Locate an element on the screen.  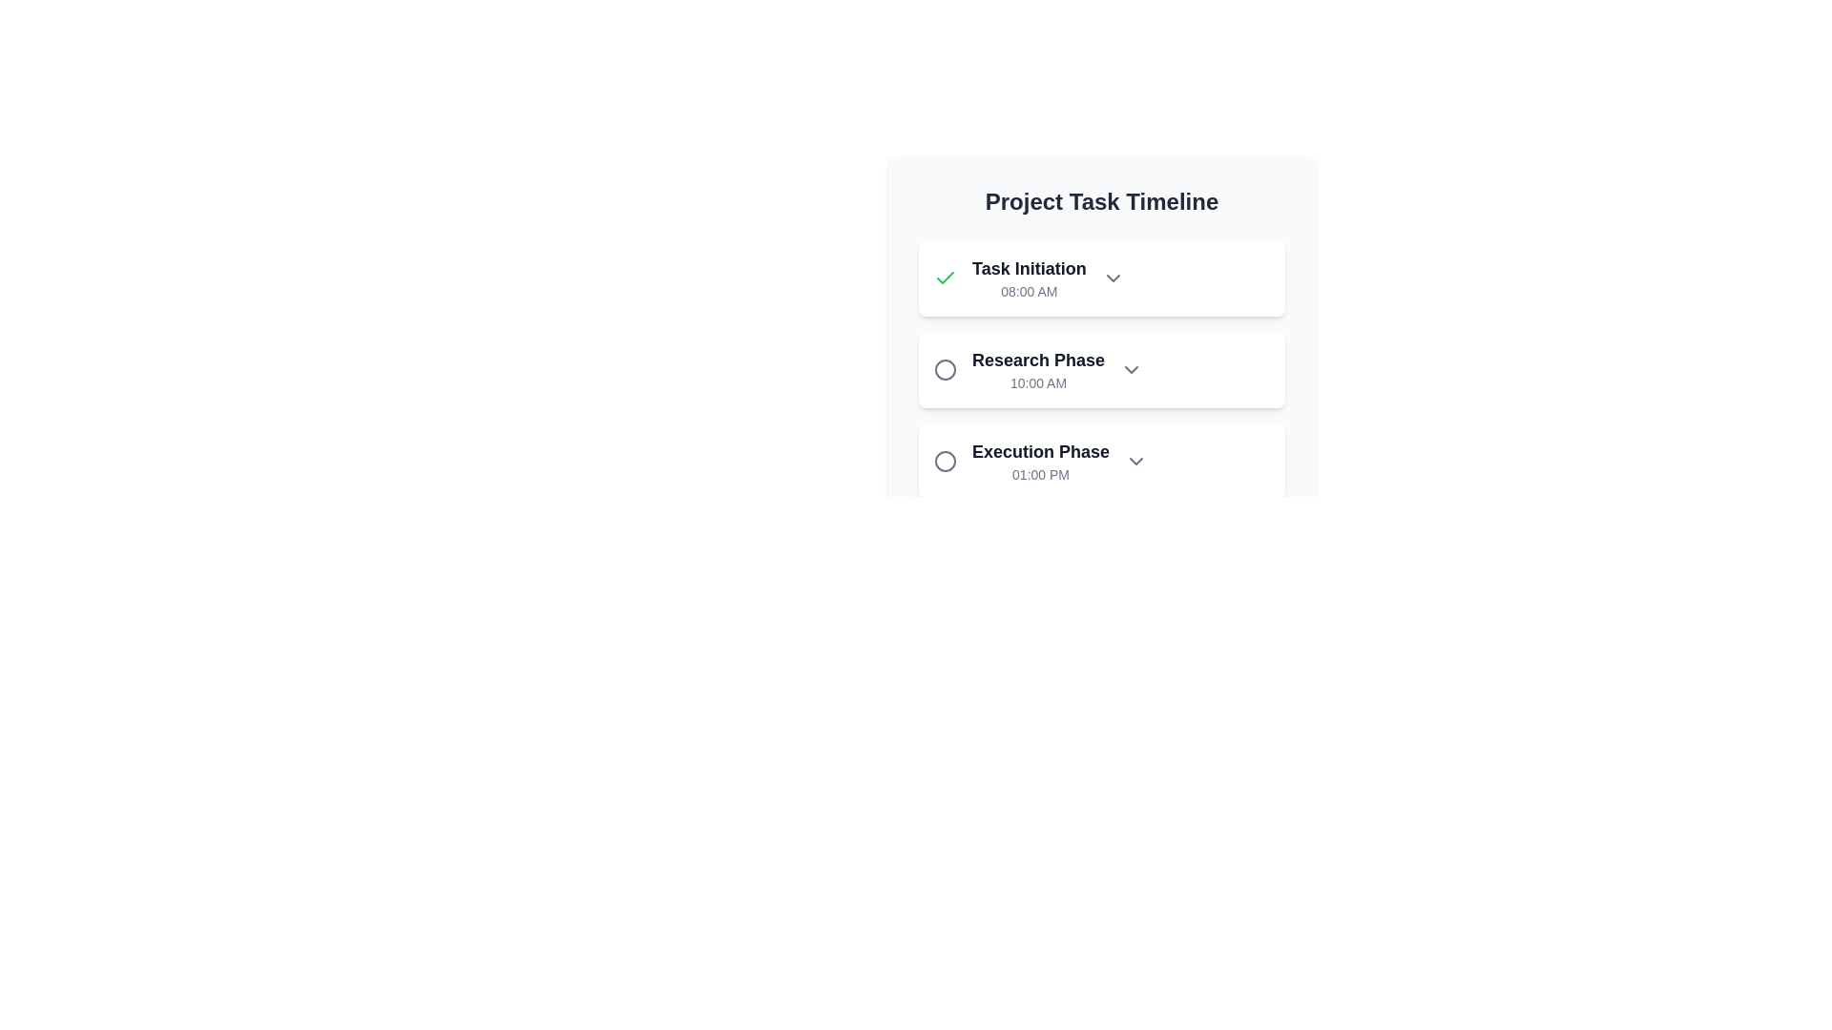
the small text label displaying the time '01:00 PM' located under the 'Execution Phase' title in the task card is located at coordinates (1039, 473).